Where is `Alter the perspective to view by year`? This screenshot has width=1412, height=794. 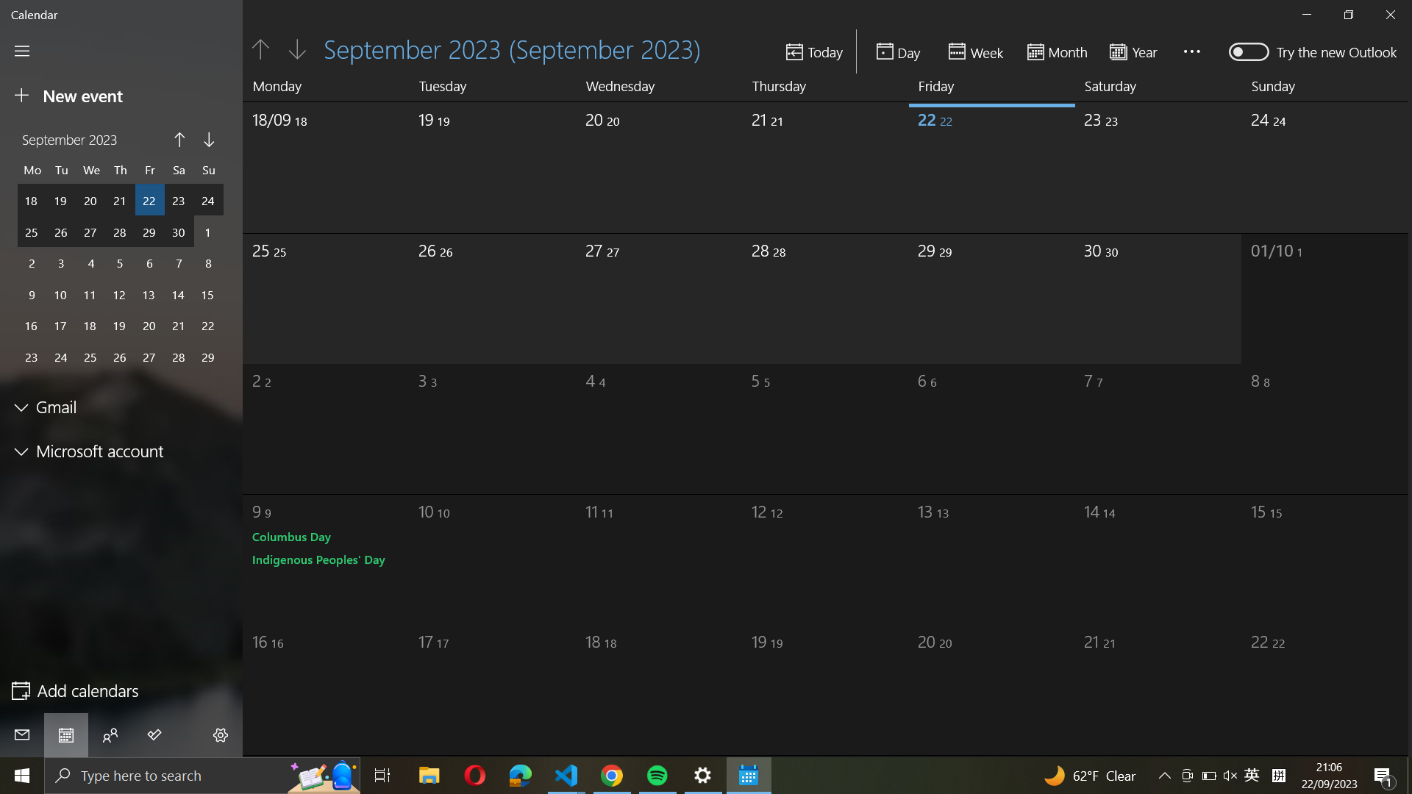 Alter the perspective to view by year is located at coordinates (1138, 50).